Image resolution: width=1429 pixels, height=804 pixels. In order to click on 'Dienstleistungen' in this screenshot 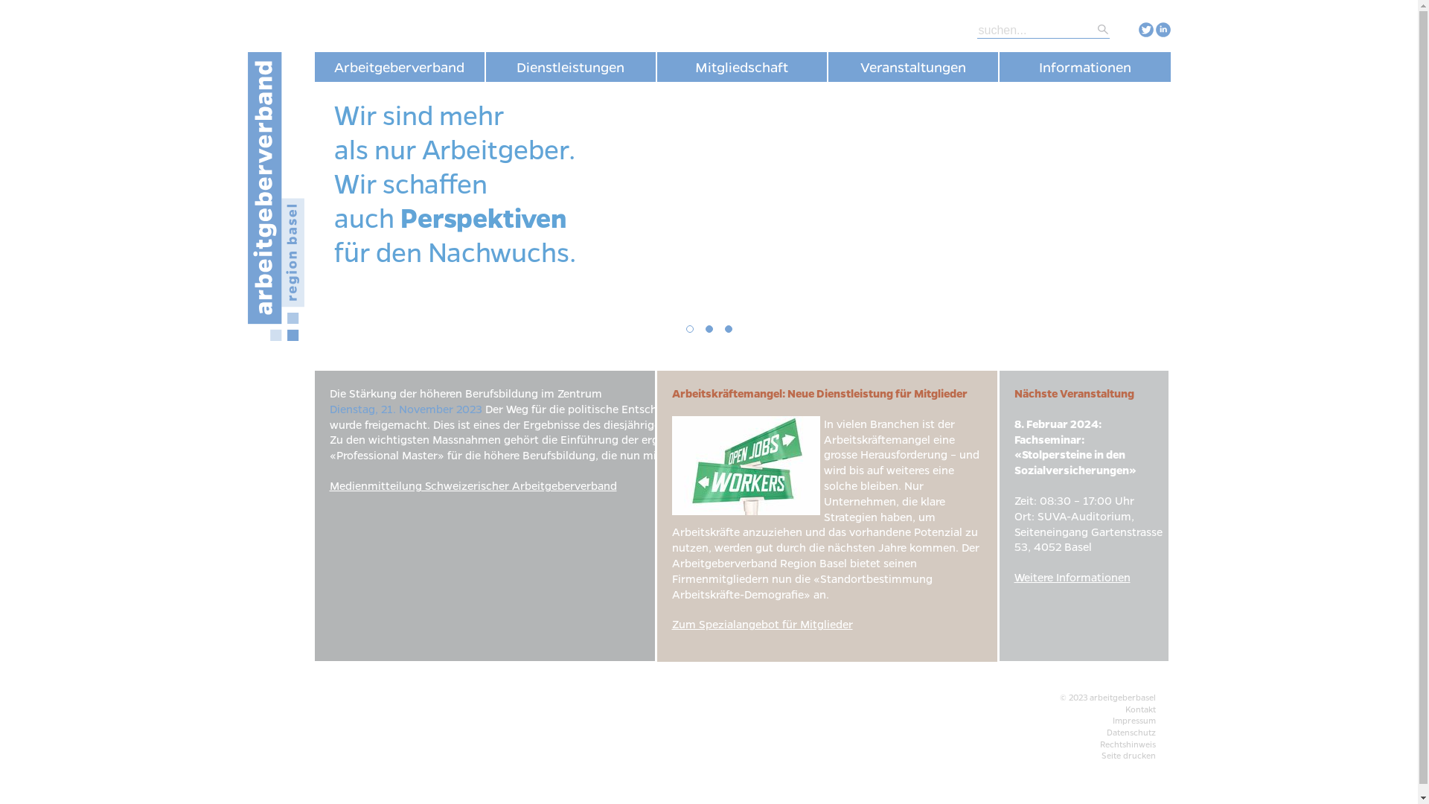, I will do `click(569, 66)`.